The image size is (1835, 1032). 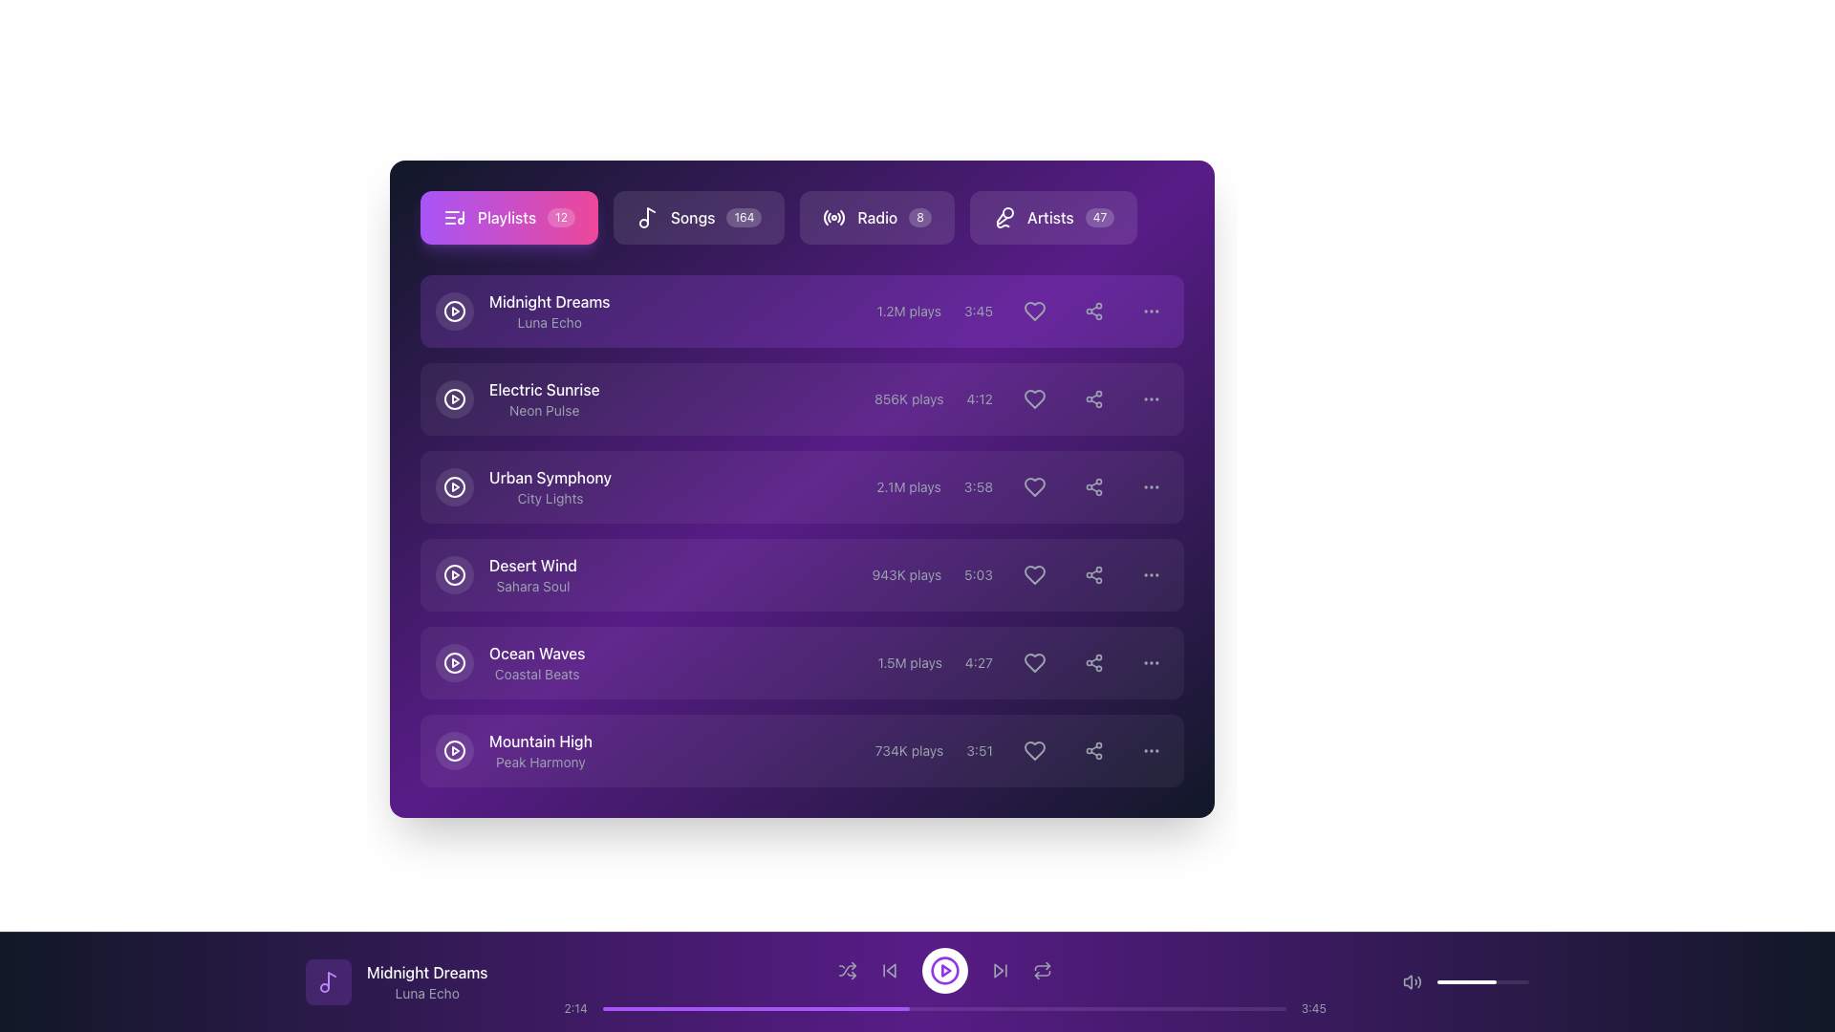 I want to click on playback time, so click(x=1011, y=1008).